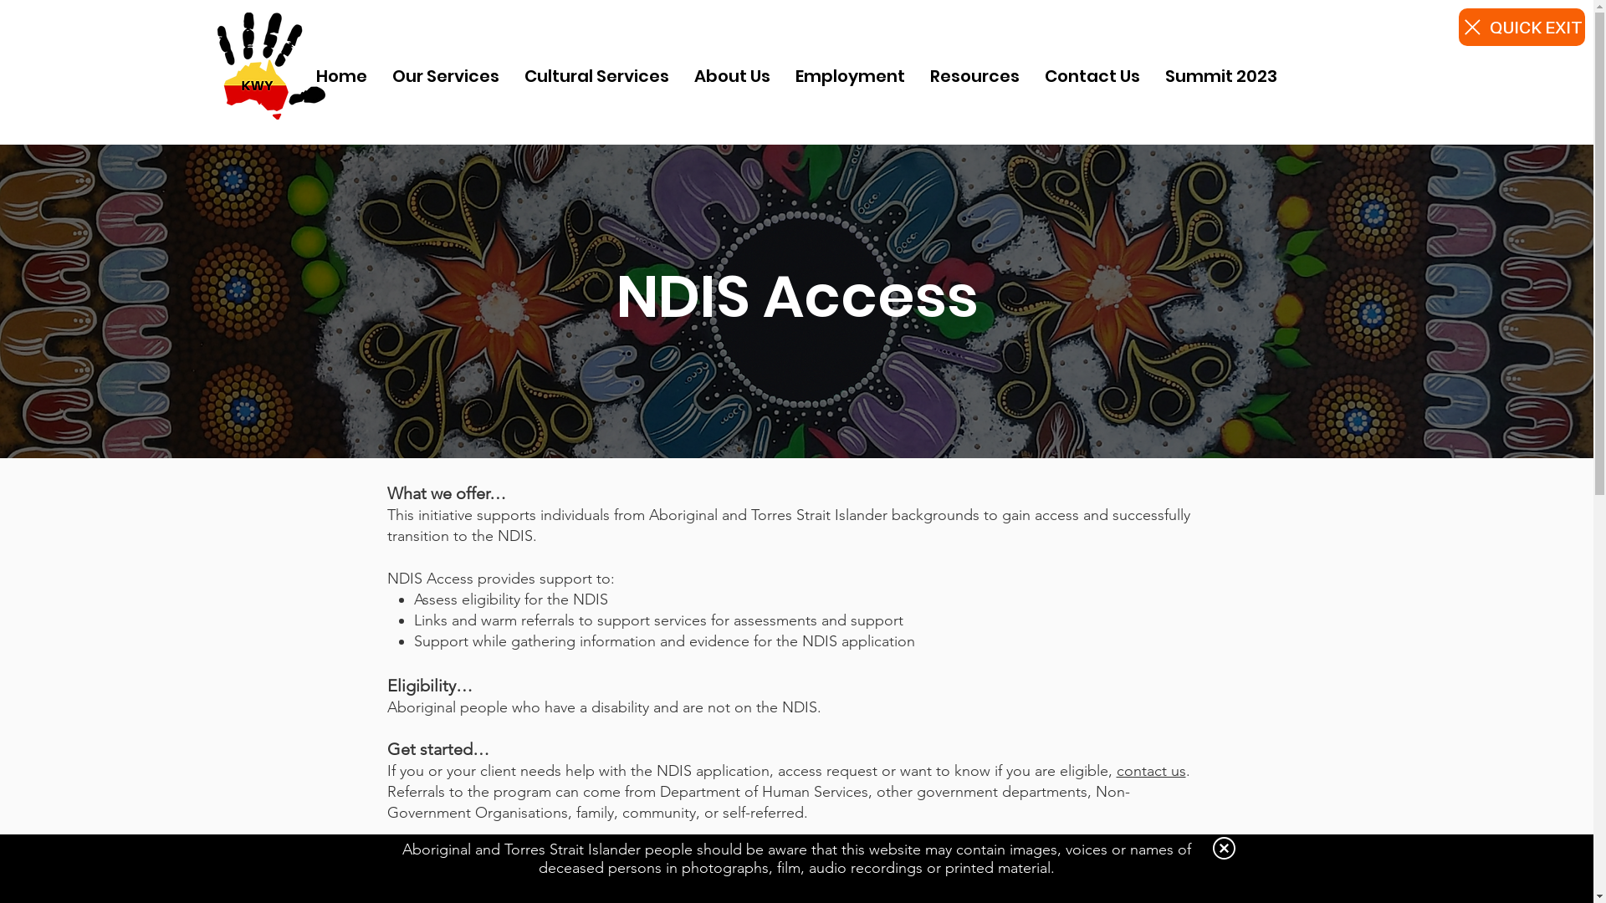 This screenshot has width=1606, height=903. Describe the element at coordinates (732, 76) in the screenshot. I see `'About Us'` at that location.